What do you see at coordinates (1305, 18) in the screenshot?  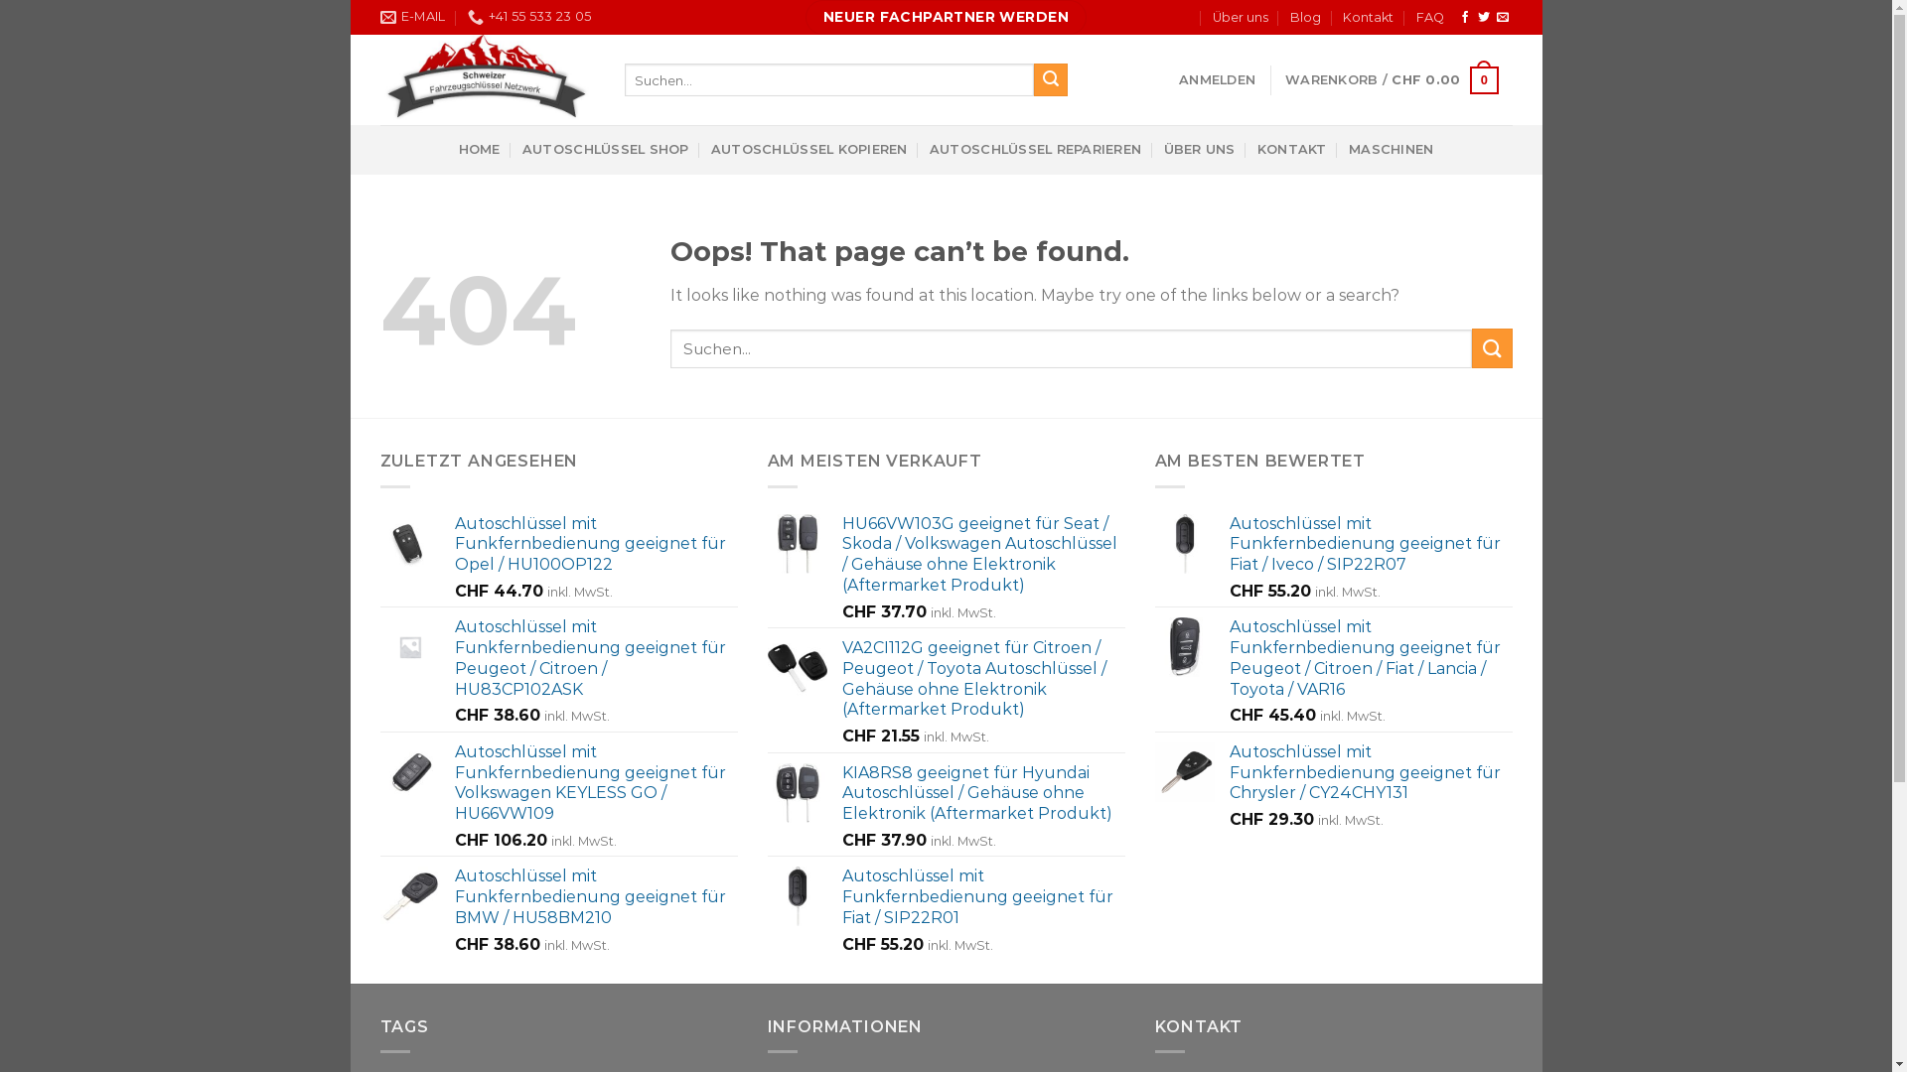 I see `'Blog'` at bounding box center [1305, 18].